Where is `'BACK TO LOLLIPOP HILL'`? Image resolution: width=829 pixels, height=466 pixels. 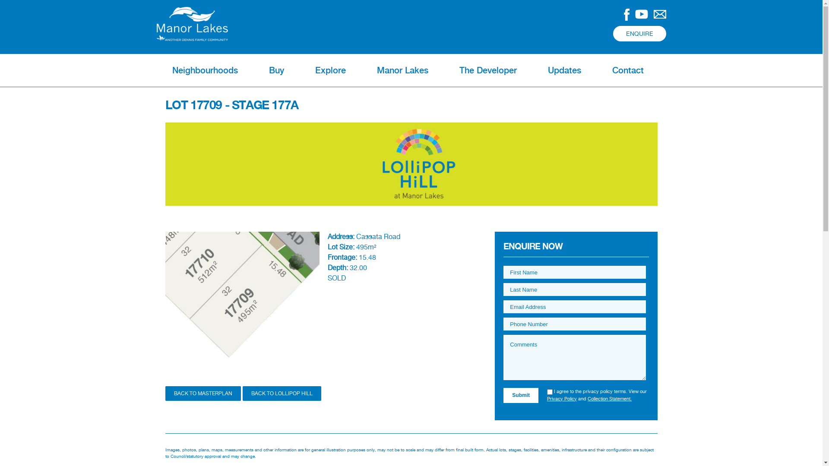
'BACK TO LOLLIPOP HILL' is located at coordinates (282, 393).